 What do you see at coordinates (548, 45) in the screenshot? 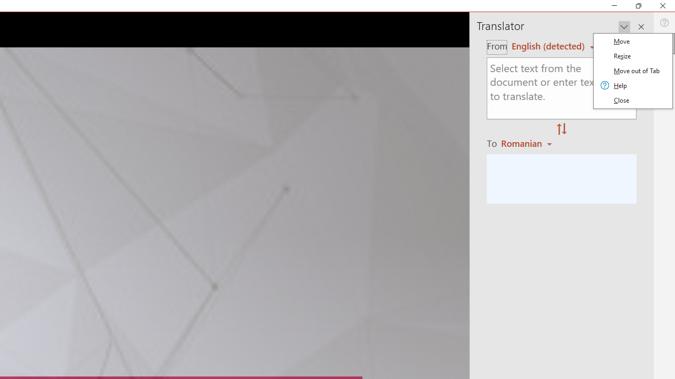
I see `'Czech (detected)'` at bounding box center [548, 45].